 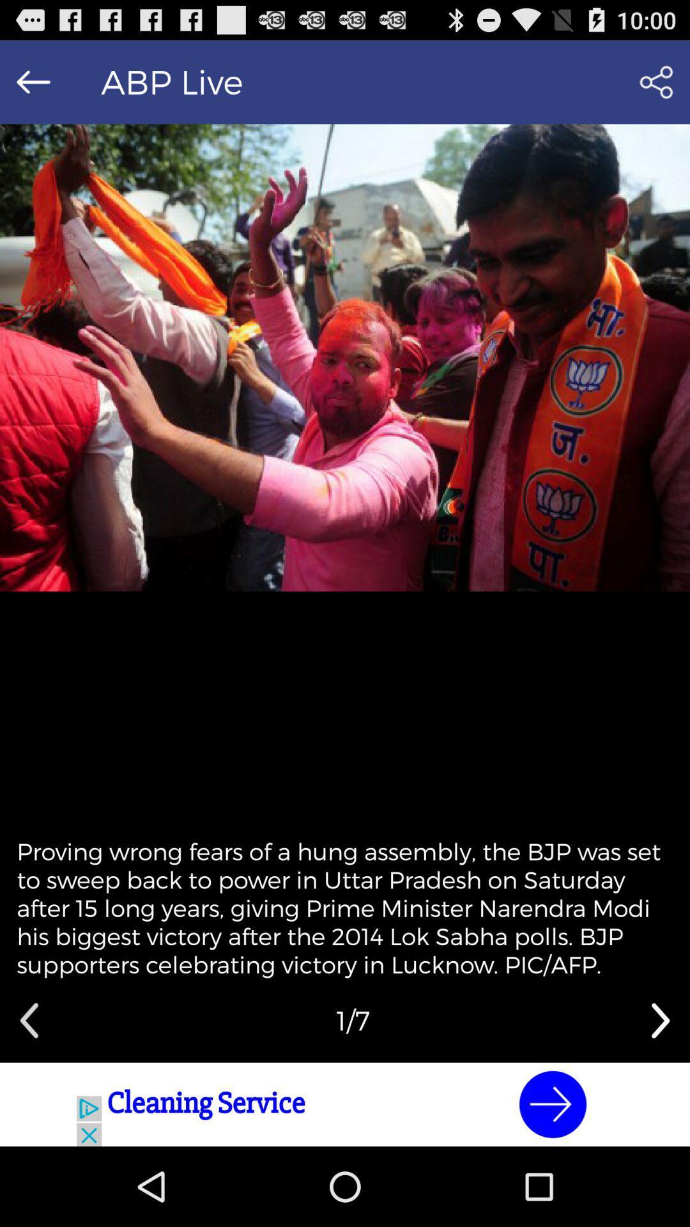 What do you see at coordinates (33, 81) in the screenshot?
I see `backe` at bounding box center [33, 81].